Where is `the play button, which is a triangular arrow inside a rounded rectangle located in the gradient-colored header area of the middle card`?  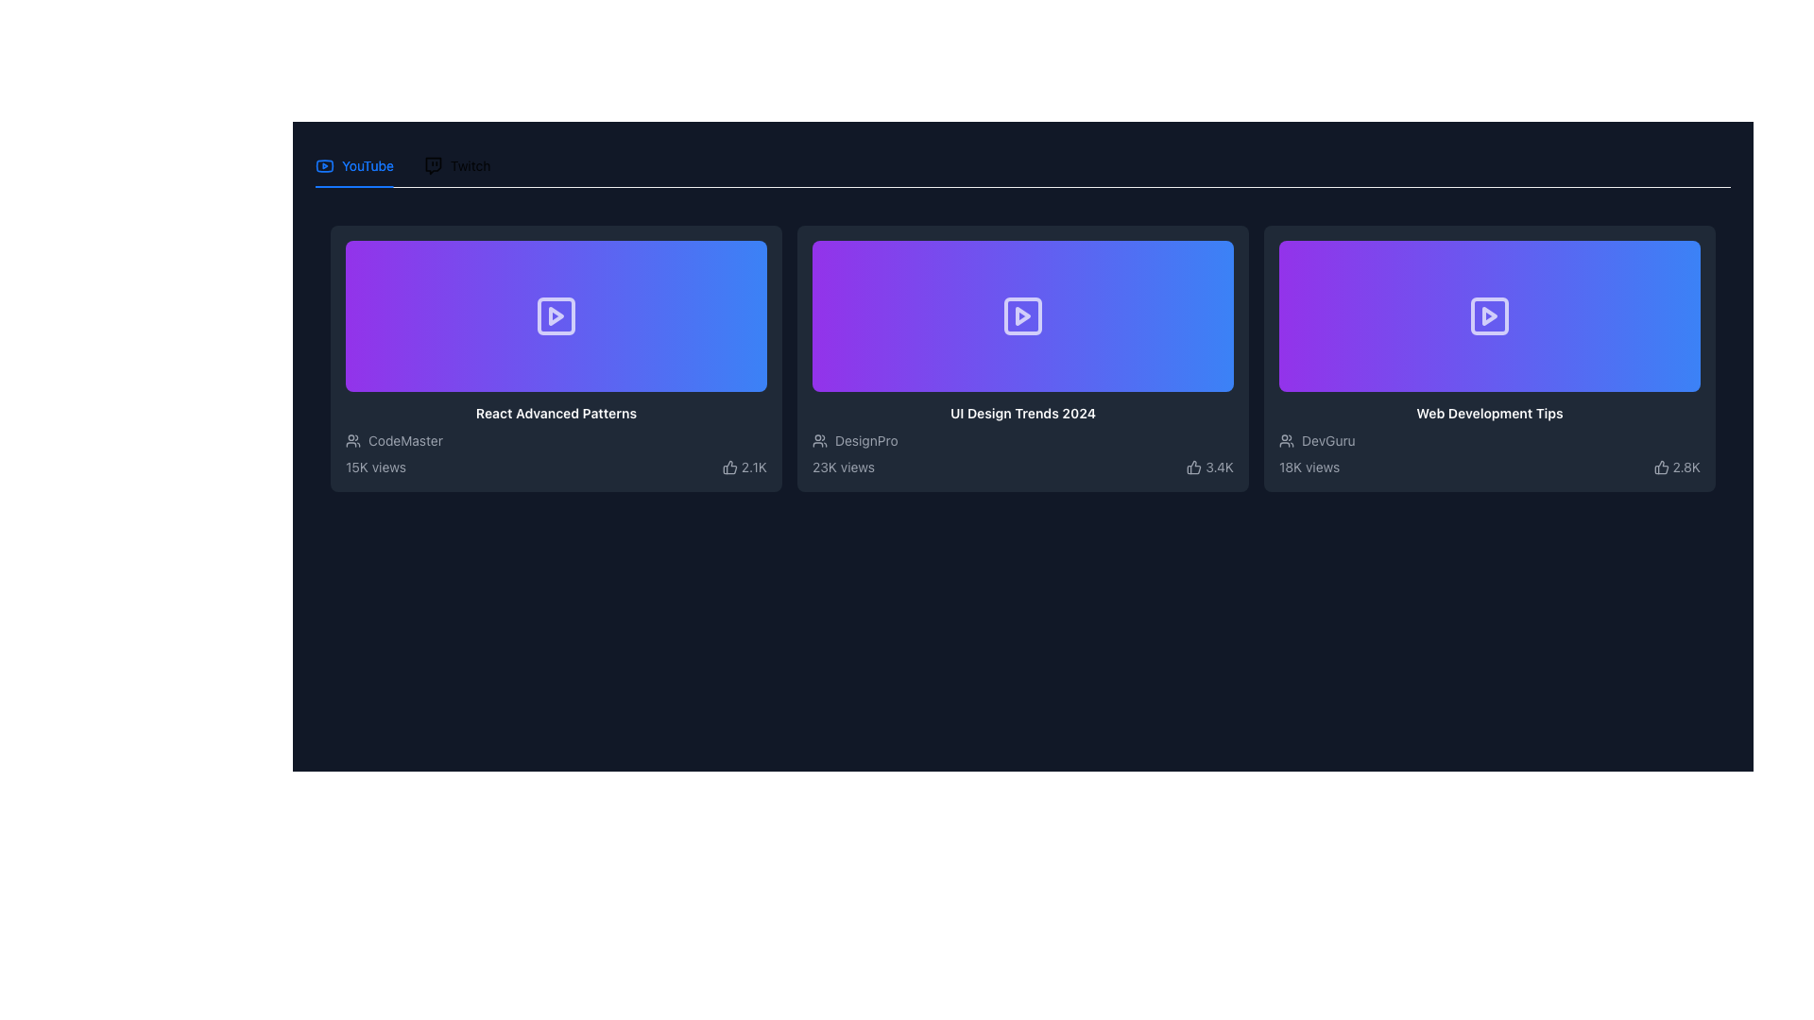 the play button, which is a triangular arrow inside a rounded rectangle located in the gradient-colored header area of the middle card is located at coordinates (1022, 315).